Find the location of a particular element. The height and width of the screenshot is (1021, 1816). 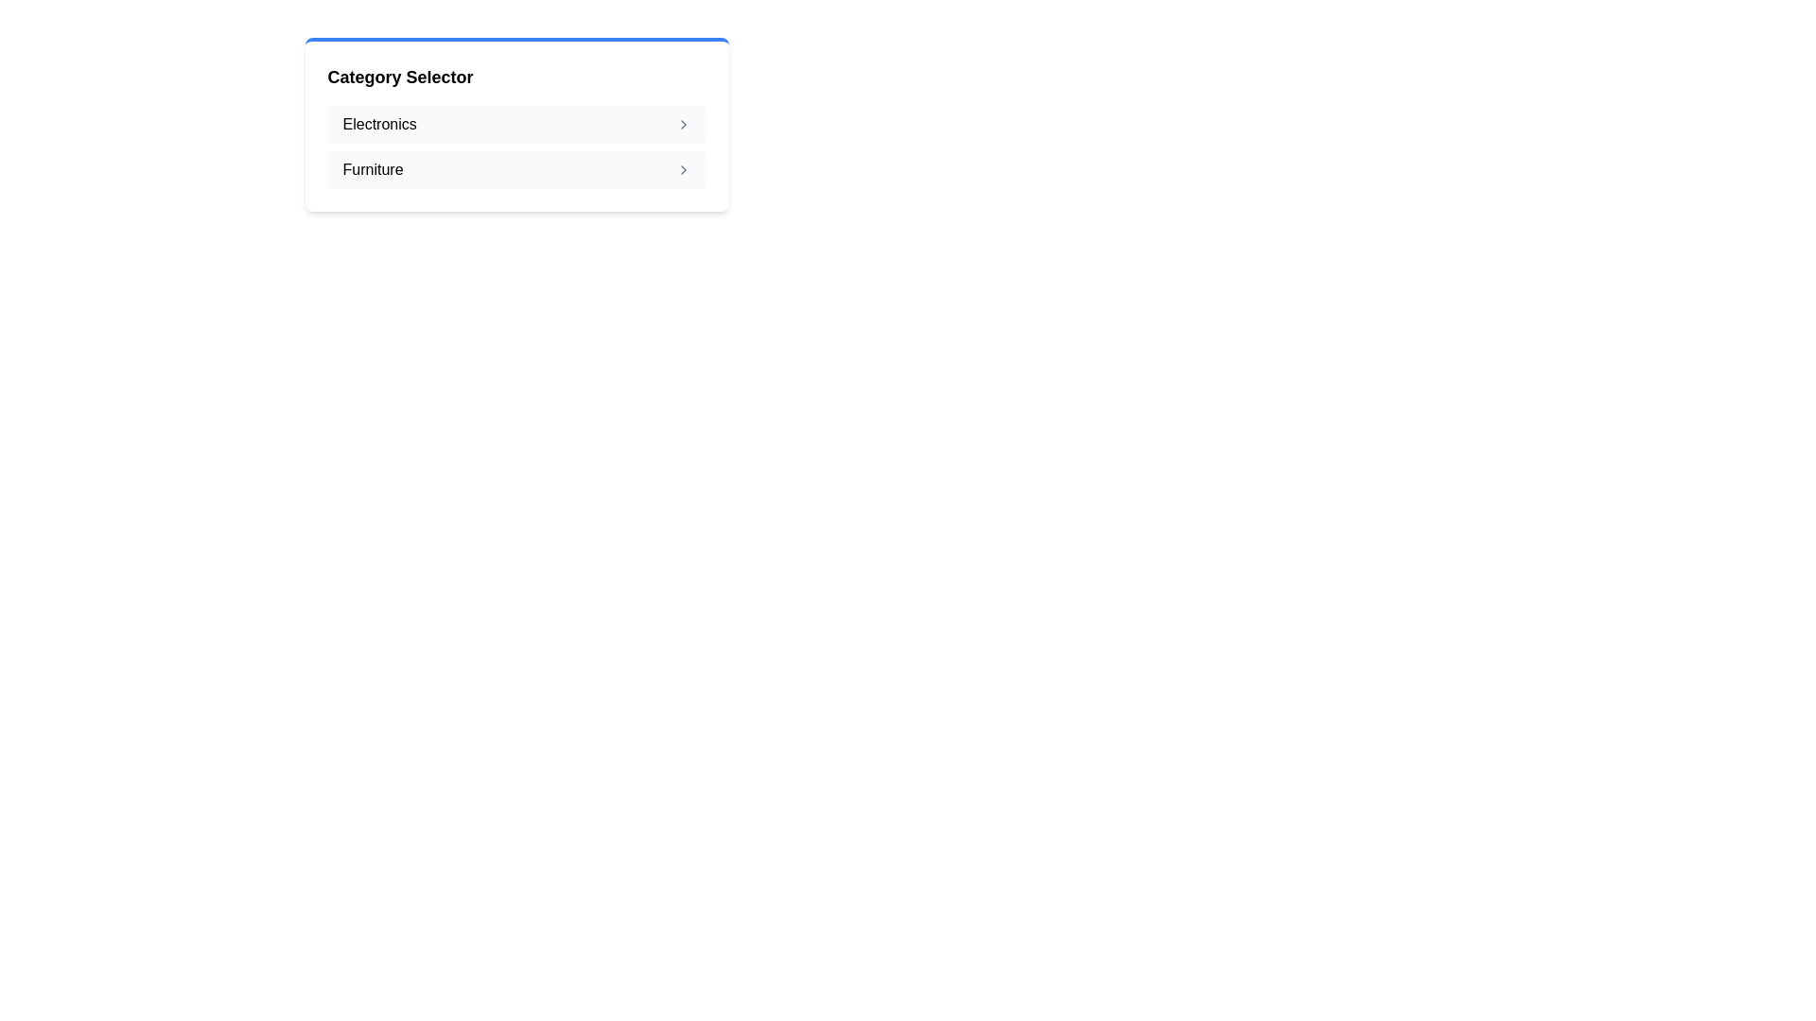

the 'Furniture' button-like interactive list item to change its background color from light gray to light blue is located at coordinates (516, 170).